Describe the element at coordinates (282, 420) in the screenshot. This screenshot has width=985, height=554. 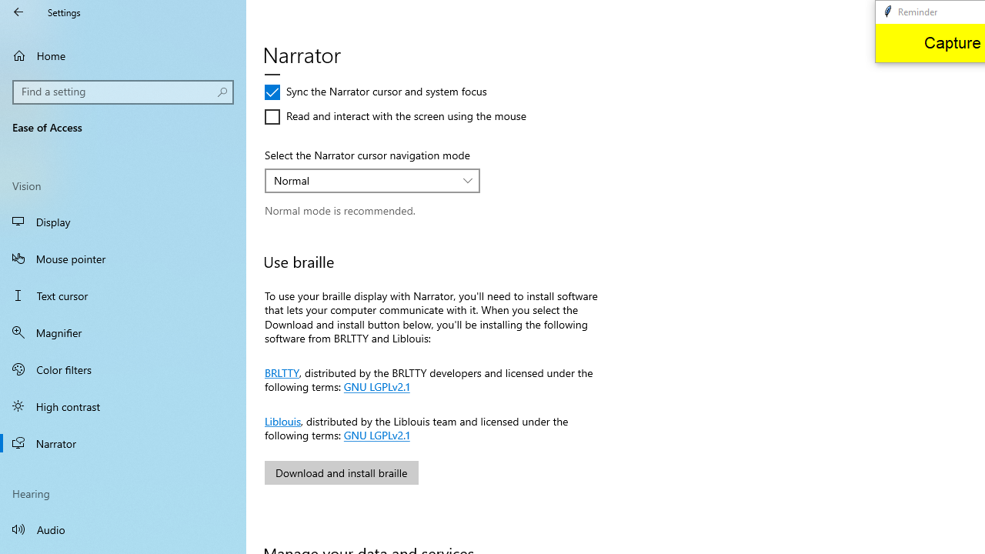
I see `'Liblouis'` at that location.